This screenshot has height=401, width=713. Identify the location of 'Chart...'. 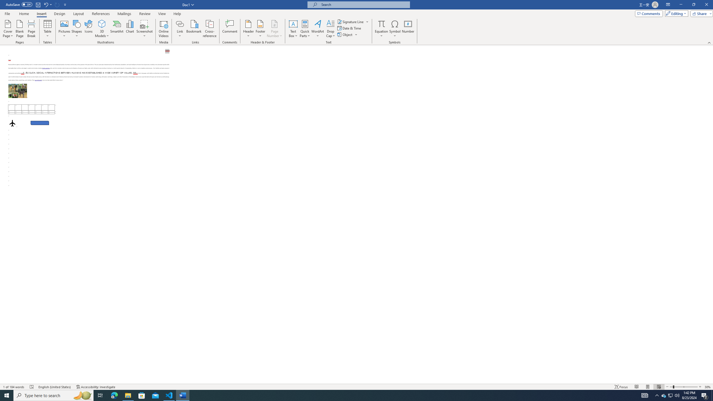
(130, 29).